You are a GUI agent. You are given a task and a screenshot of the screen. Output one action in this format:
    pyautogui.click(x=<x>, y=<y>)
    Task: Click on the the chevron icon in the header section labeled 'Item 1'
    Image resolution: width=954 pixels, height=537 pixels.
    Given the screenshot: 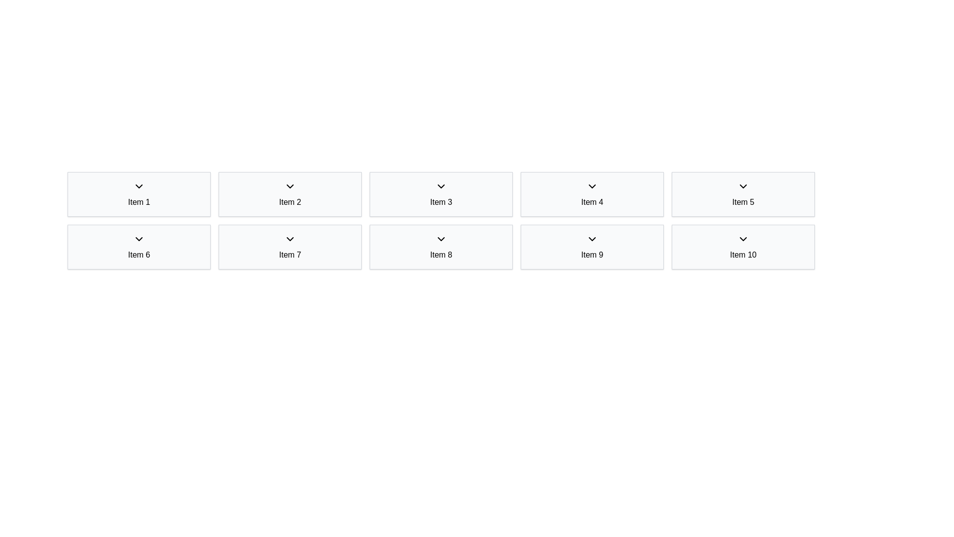 What is the action you would take?
    pyautogui.click(x=138, y=186)
    